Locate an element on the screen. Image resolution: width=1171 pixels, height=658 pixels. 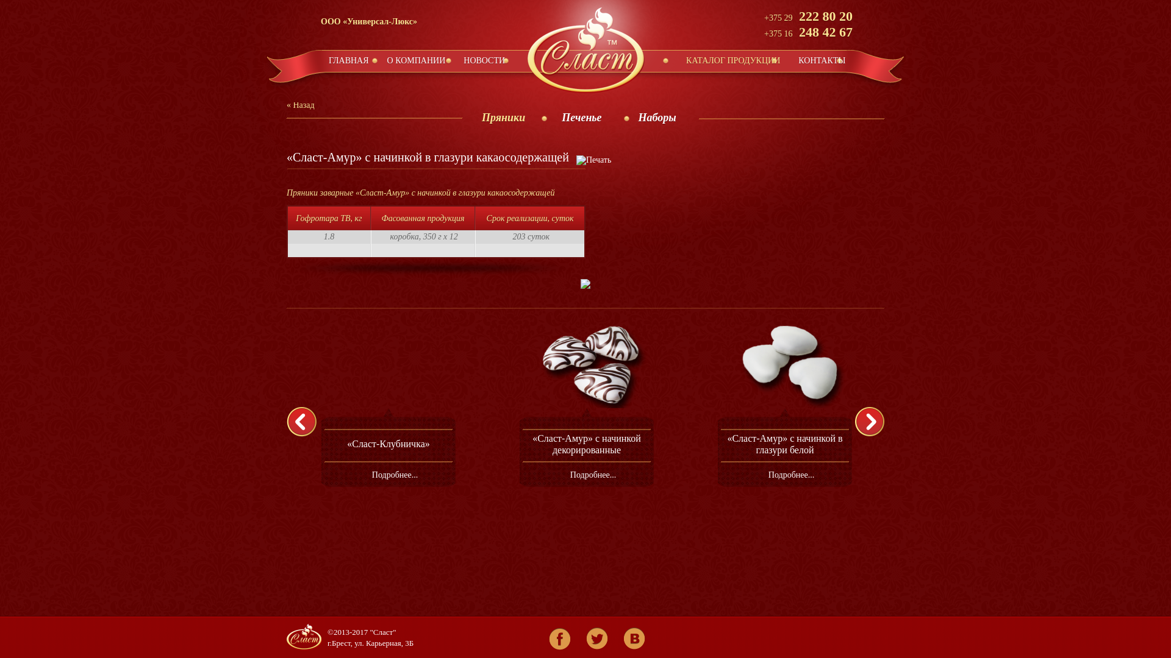
'Next' is located at coordinates (873, 421).